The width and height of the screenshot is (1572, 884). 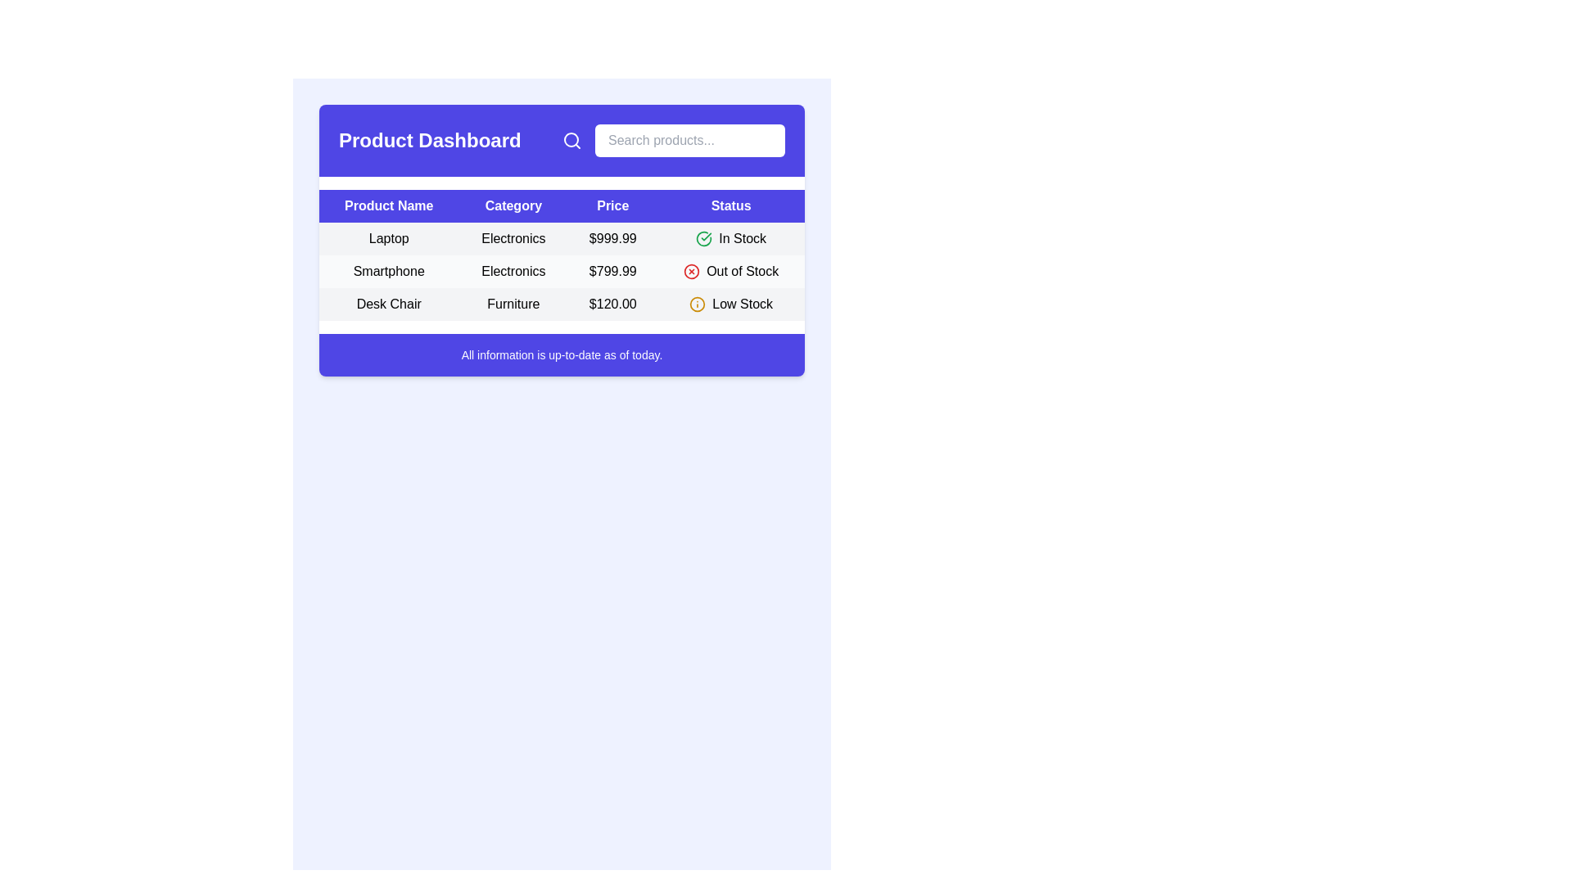 I want to click on the informational icon, which is a small yellow circle with an 'i' symbol, located to the left of the 'Low Stock' text label in the 'Status' column of the last row in the dashboard table, so click(x=698, y=304).